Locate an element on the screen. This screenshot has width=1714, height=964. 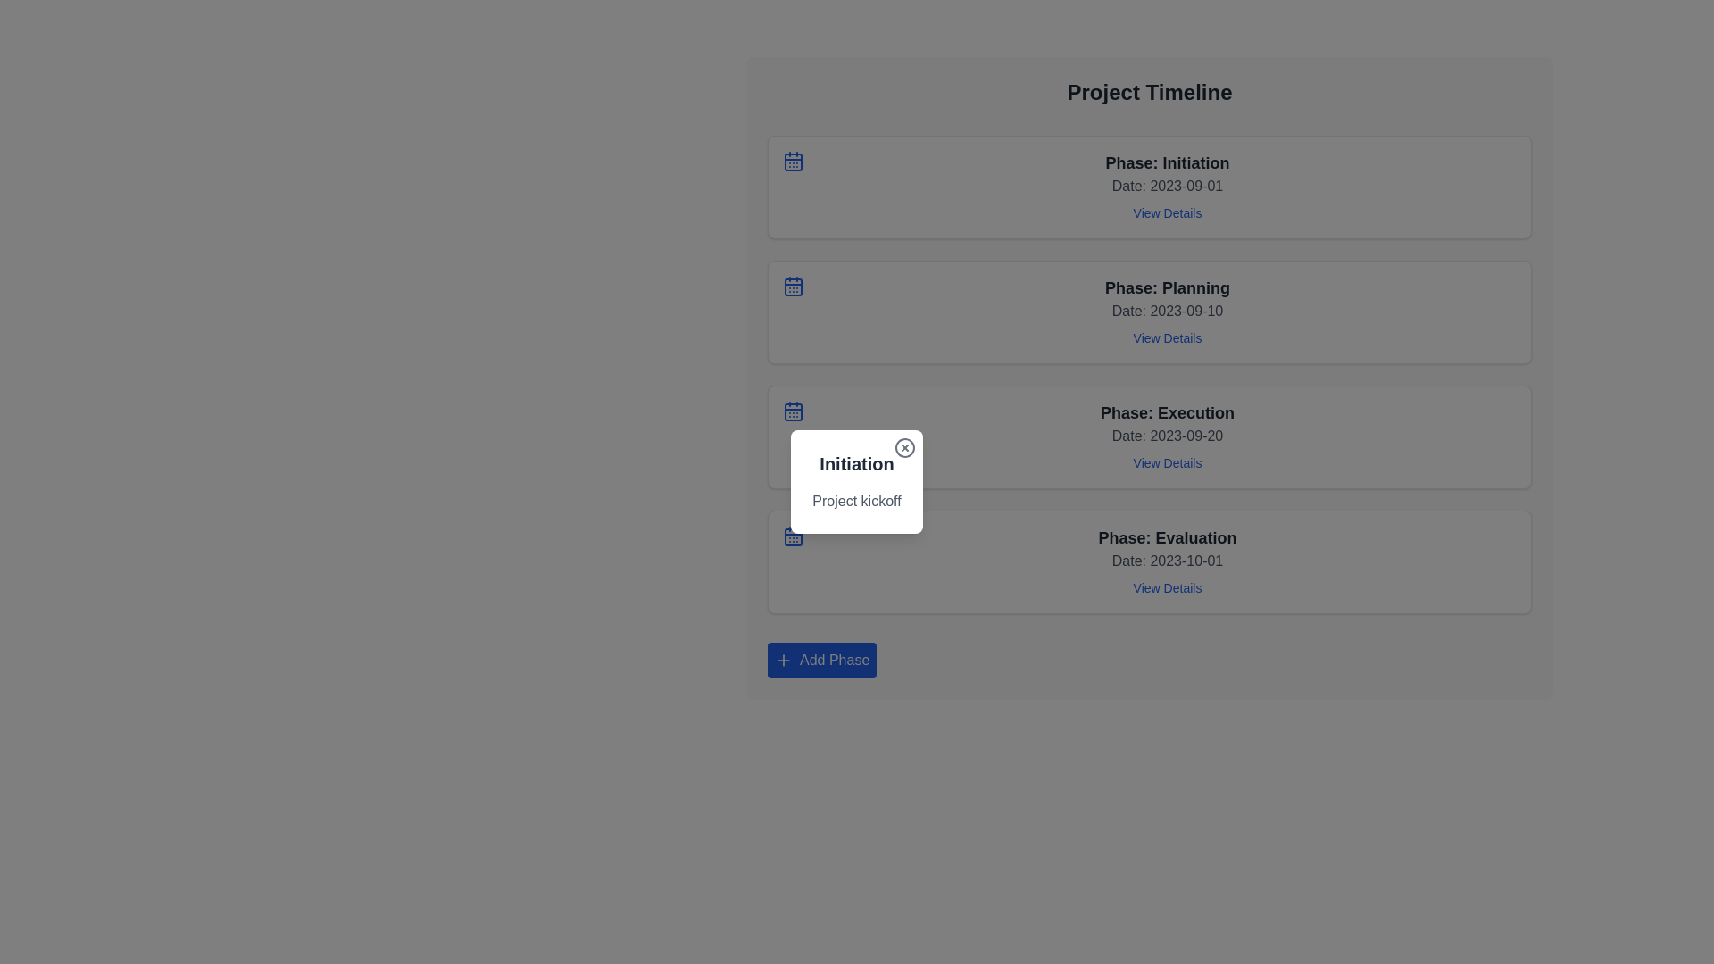
the gray circular button with an 'X' symbol located at the top-right corner of the 'Initiation' card is located at coordinates (904, 446).